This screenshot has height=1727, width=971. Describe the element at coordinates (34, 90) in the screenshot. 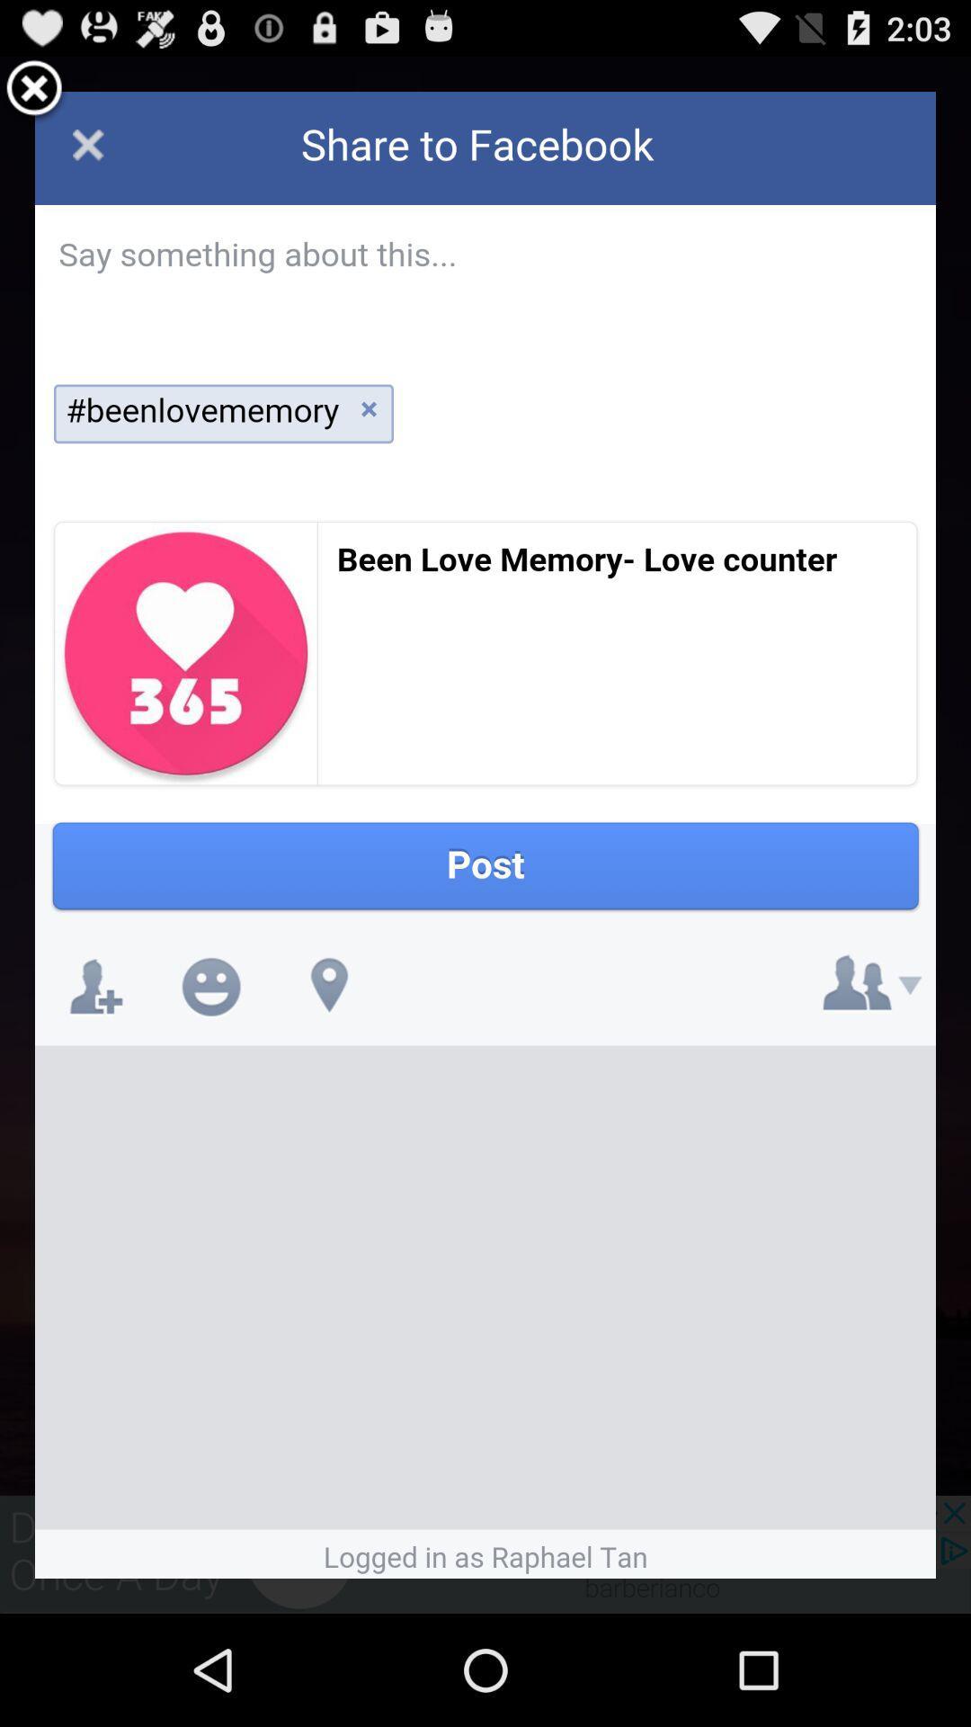

I see `exit share window` at that location.